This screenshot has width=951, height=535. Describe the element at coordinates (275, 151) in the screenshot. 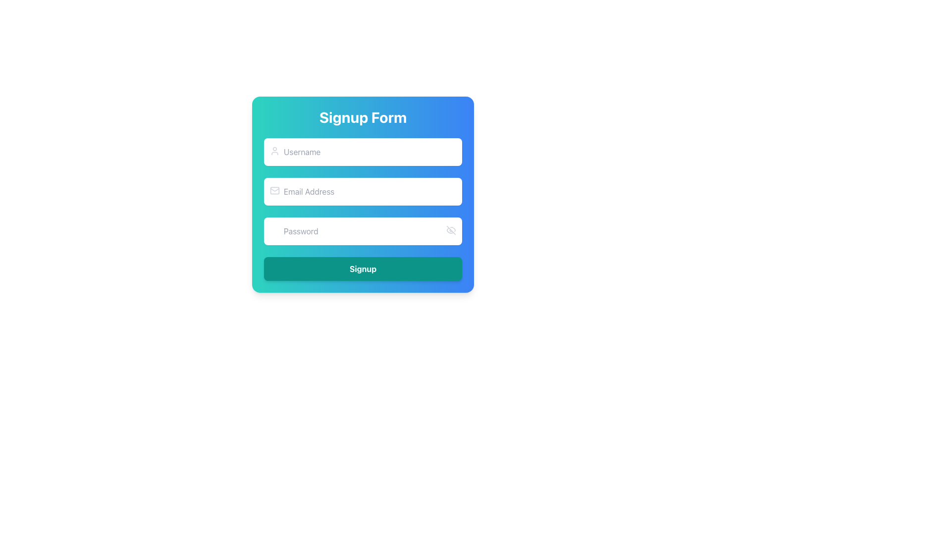

I see `the visual indicator icon for the Username input field, which helps users identify its function` at that location.